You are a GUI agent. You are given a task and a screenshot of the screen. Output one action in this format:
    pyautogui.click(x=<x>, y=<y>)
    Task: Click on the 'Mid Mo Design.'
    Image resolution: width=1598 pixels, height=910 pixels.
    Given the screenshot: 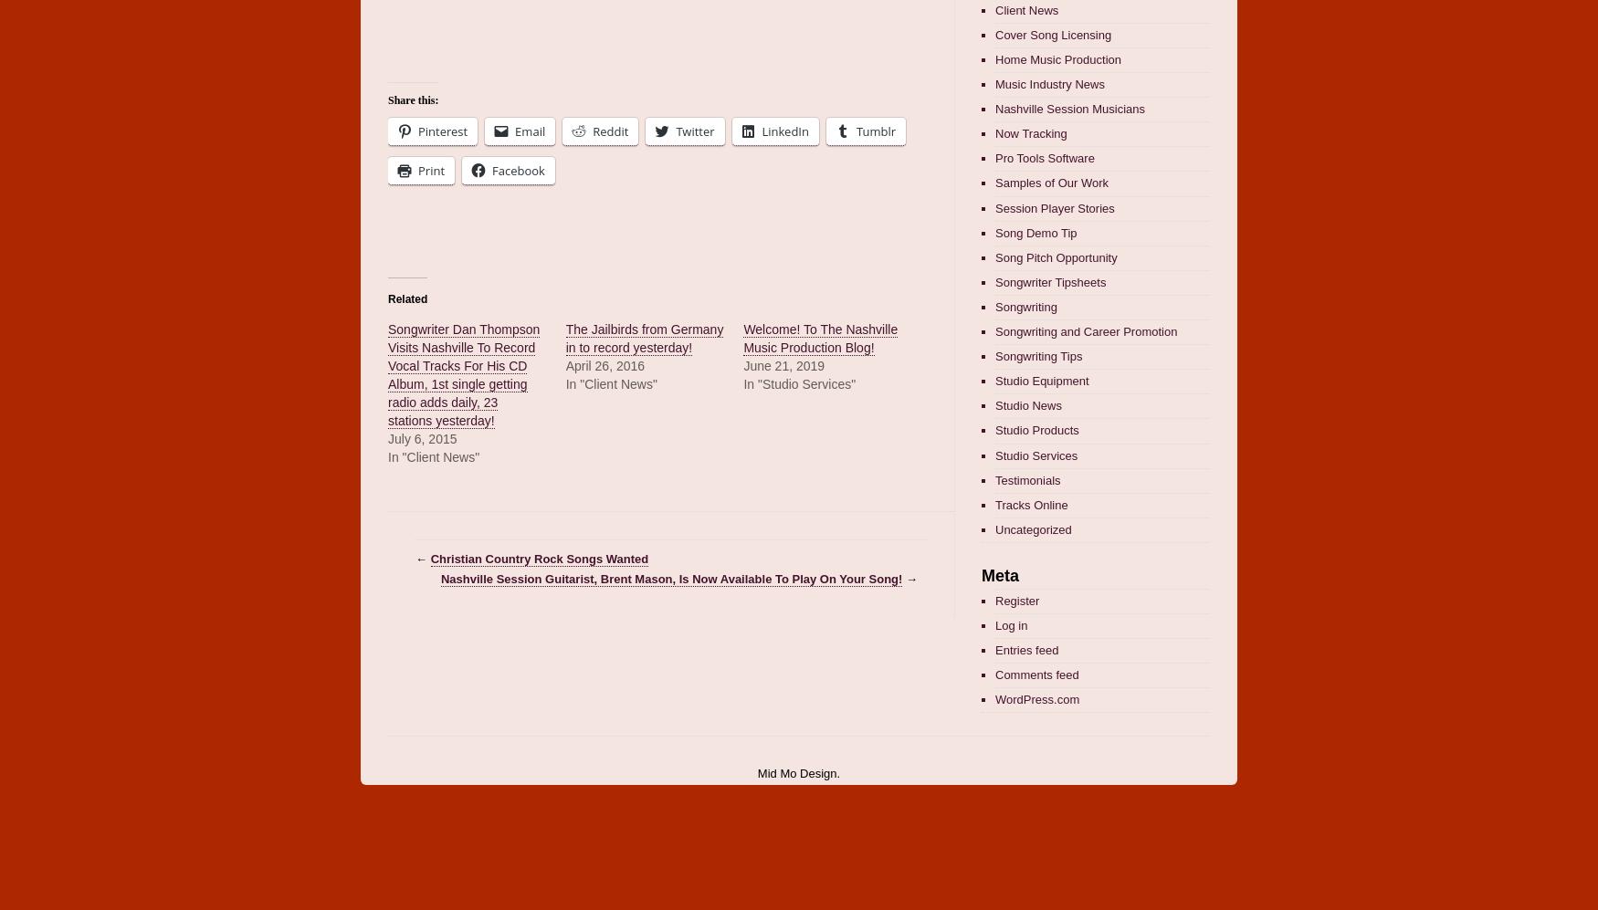 What is the action you would take?
    pyautogui.click(x=798, y=773)
    